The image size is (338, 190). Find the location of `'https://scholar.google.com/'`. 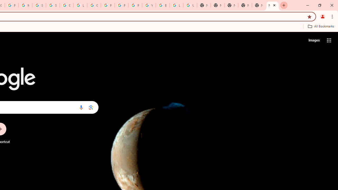

'https://scholar.google.com/' is located at coordinates (25, 5).